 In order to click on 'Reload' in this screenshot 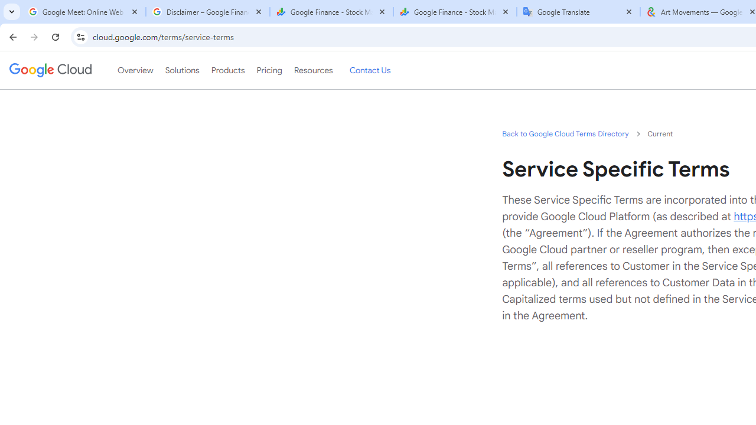, I will do `click(55, 36)`.